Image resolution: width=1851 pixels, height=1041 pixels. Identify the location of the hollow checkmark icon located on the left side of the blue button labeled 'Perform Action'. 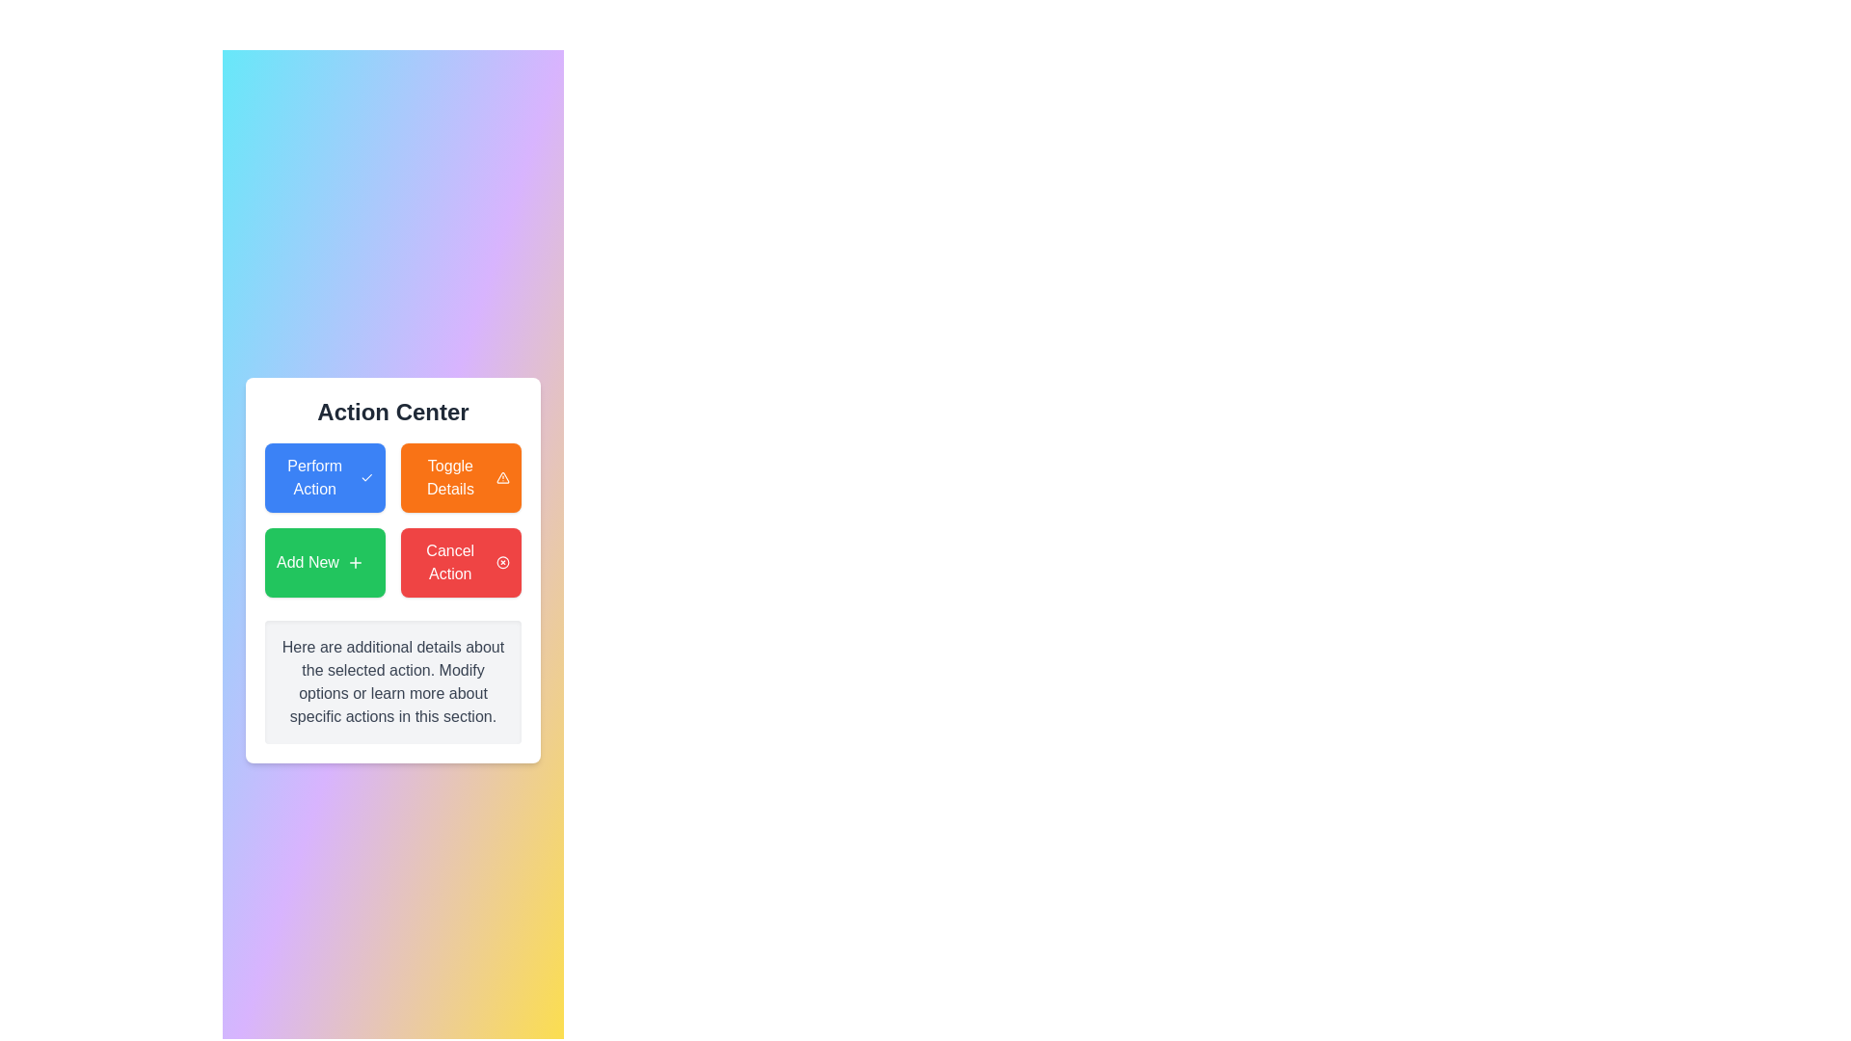
(367, 477).